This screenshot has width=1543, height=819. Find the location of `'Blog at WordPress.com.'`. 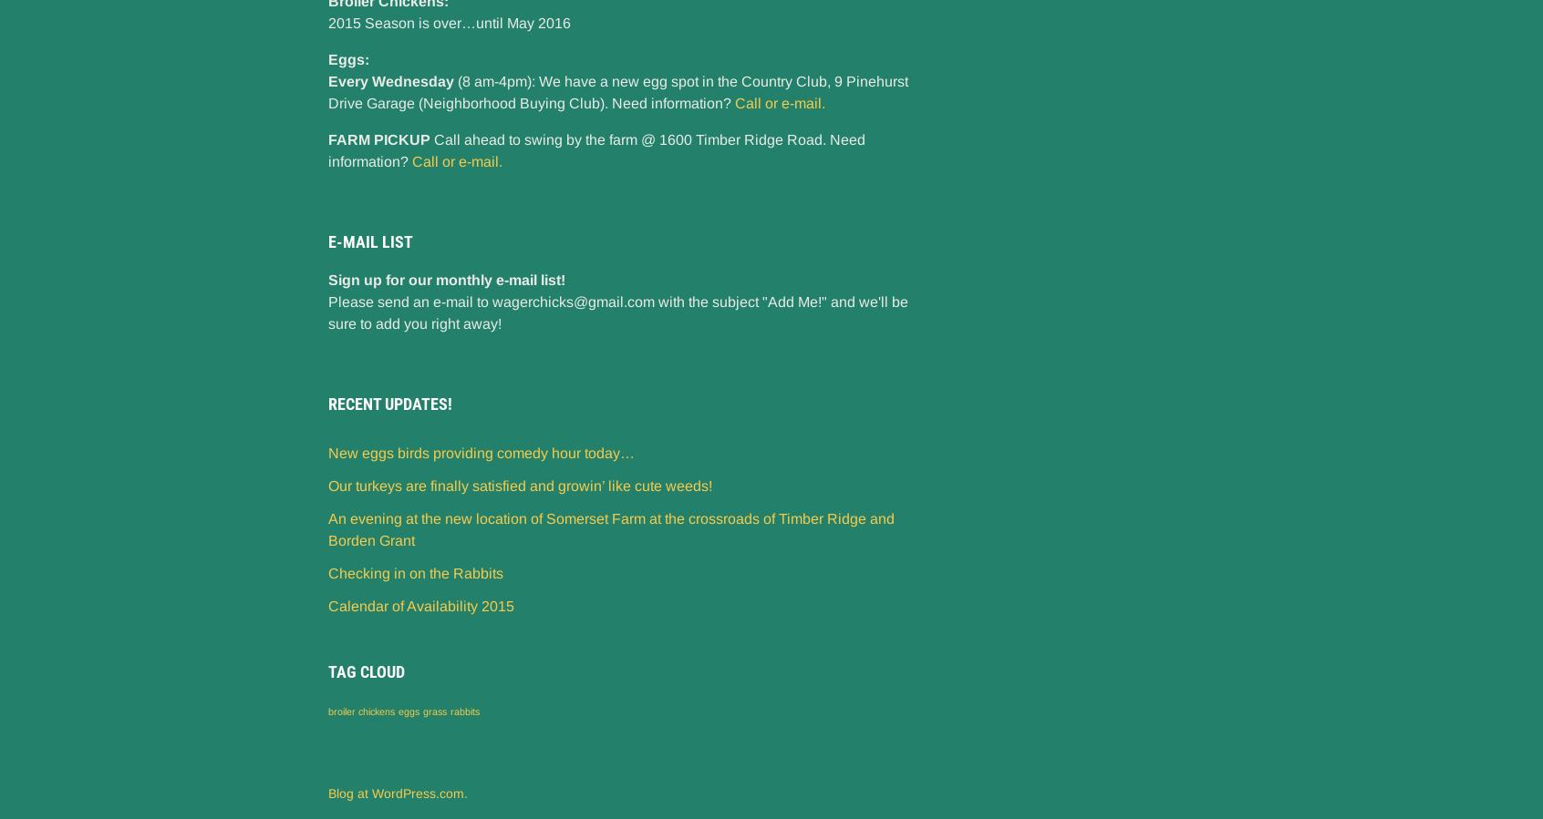

'Blog at WordPress.com.' is located at coordinates (397, 792).